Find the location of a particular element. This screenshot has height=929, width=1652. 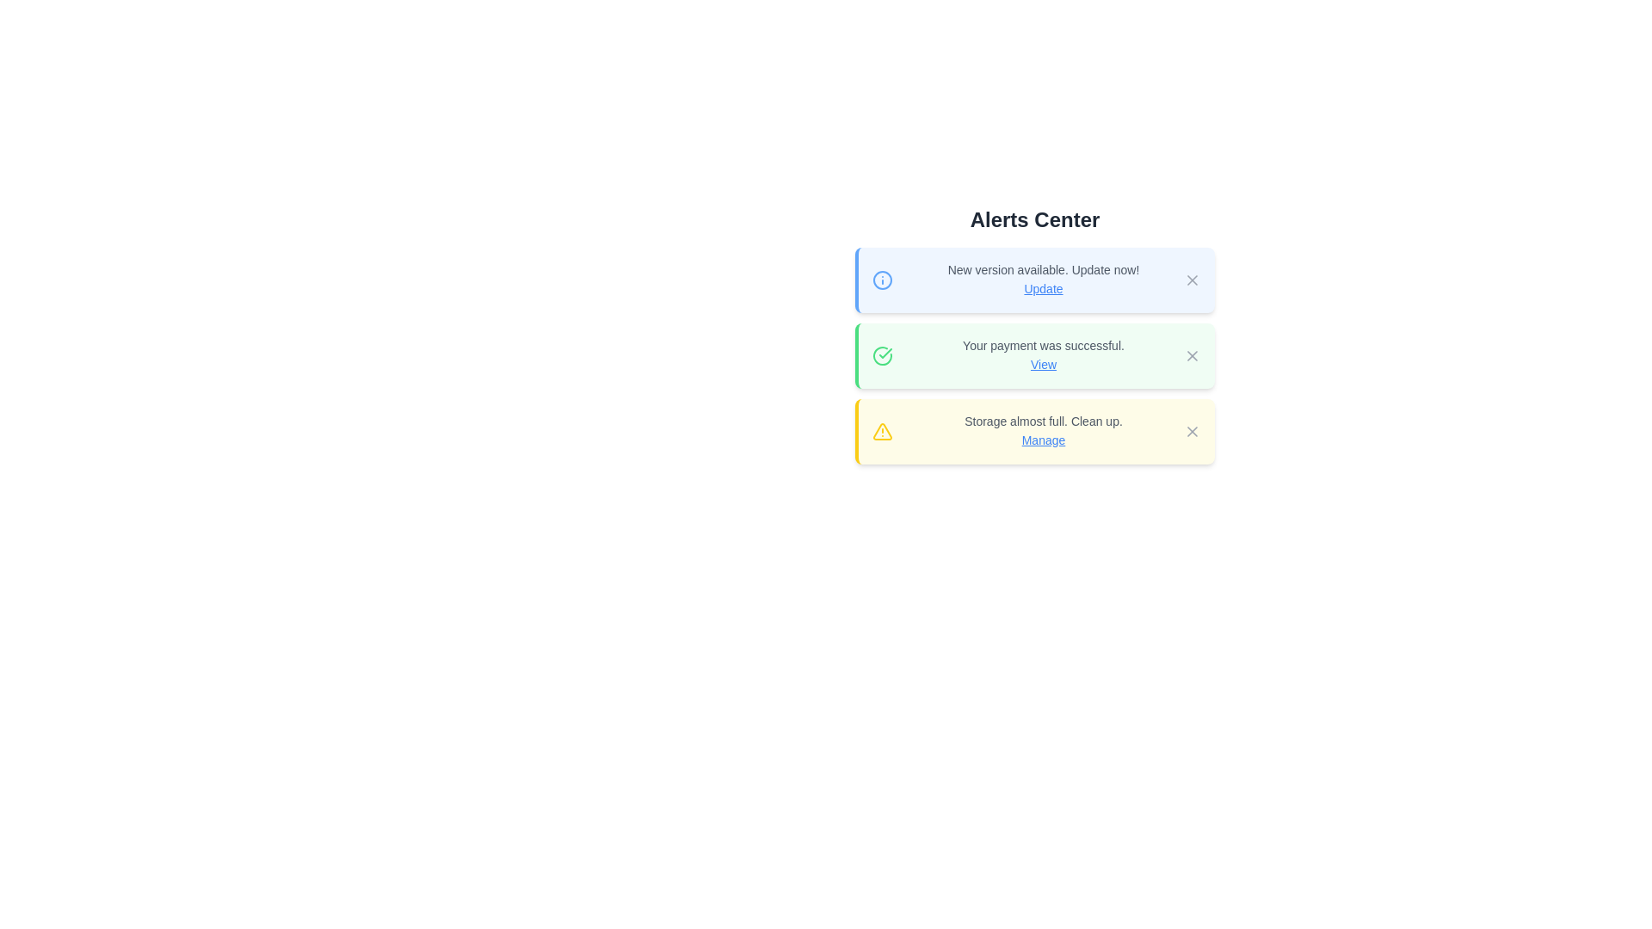

notification message displaying 'New version available. Update now!' with an interactive link labeled 'Update' in the Alerts Center interface is located at coordinates (1043, 280).